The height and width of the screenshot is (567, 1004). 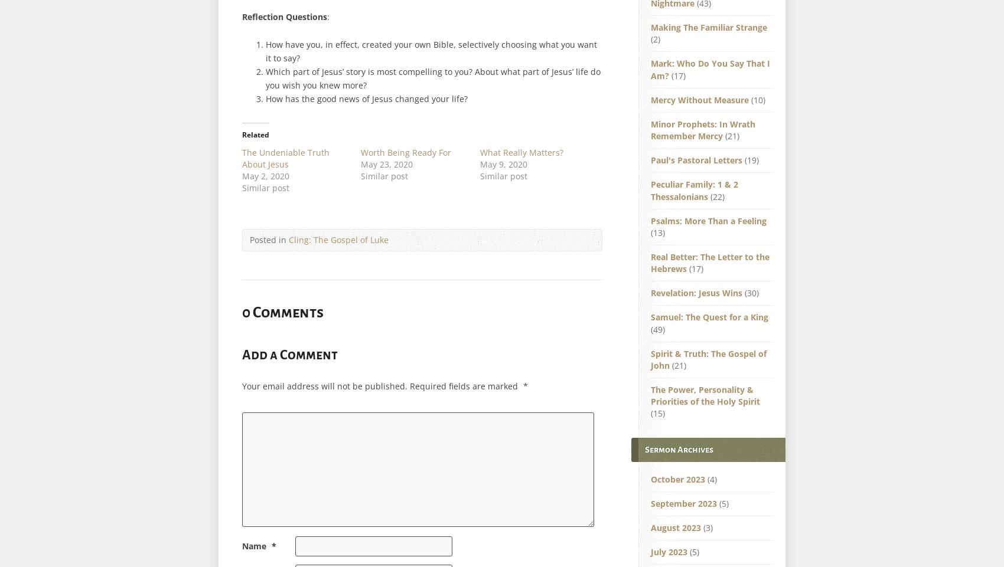 What do you see at coordinates (255, 133) in the screenshot?
I see `'Related'` at bounding box center [255, 133].